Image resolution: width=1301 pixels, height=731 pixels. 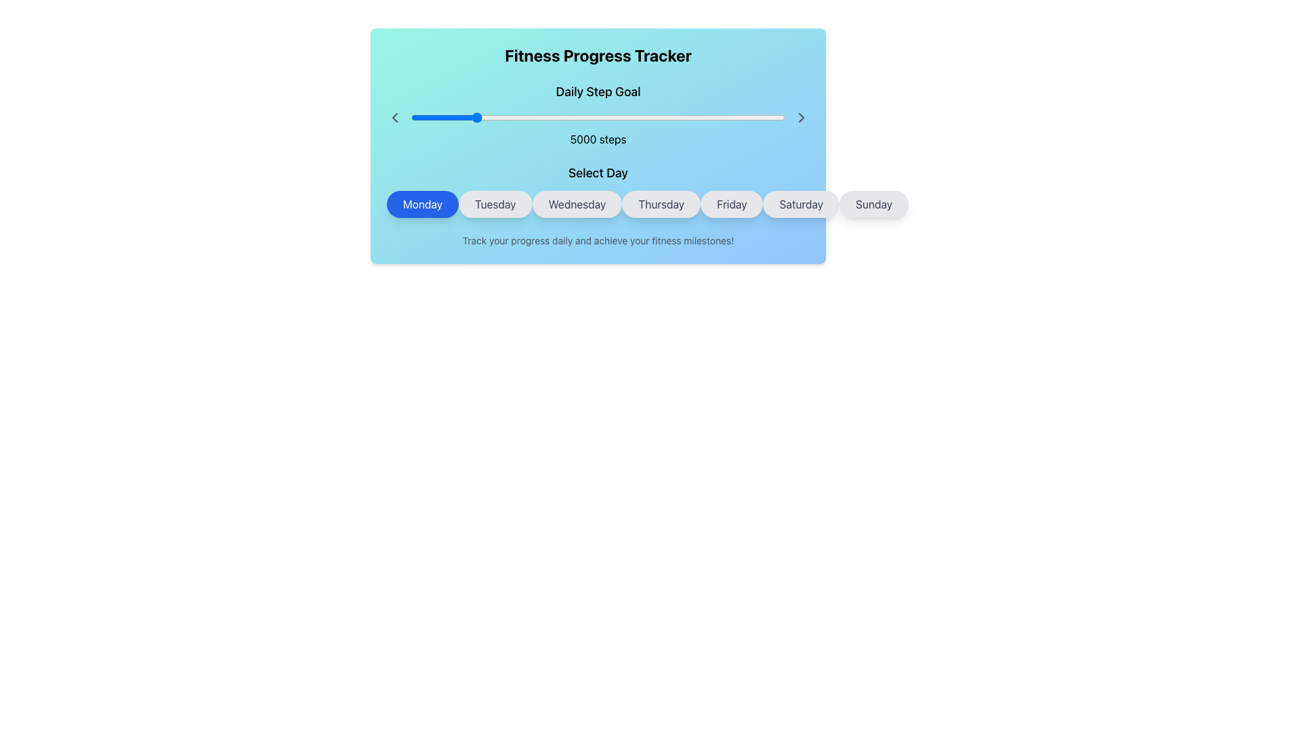 I want to click on the Text Label providing motivational messages located in the footer of the 'Fitness Progress Tracker' section, positioned below the 'Select Day' section, so click(x=598, y=240).